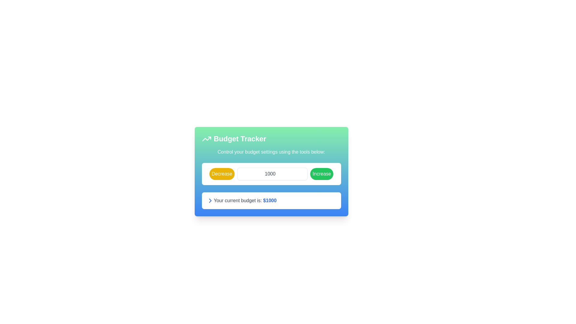 The image size is (576, 324). I want to click on the numeric input field within the 'Budget Tracker' card interface to focus it for editing, so click(272, 174).